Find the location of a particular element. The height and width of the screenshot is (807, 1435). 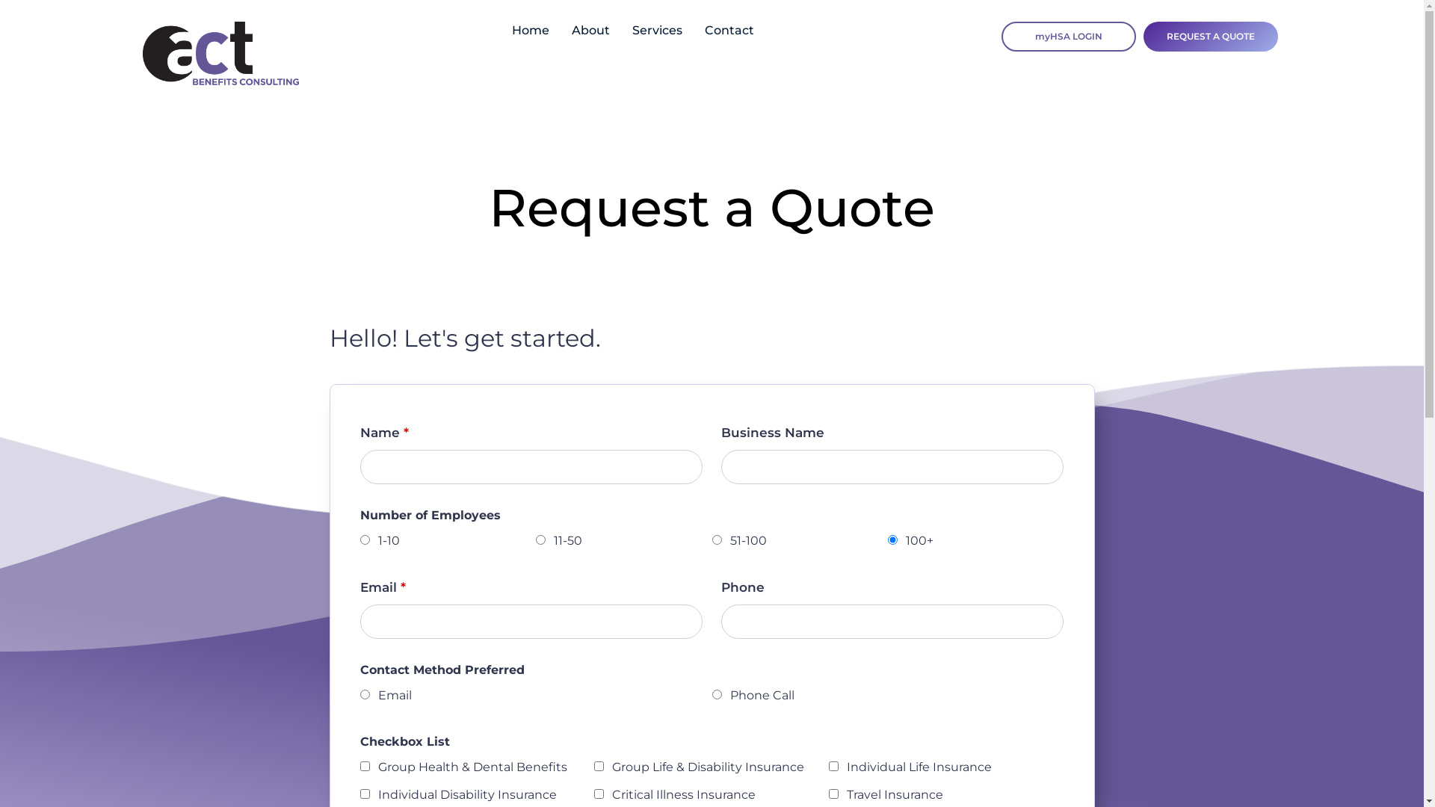

'Contact' is located at coordinates (729, 31).